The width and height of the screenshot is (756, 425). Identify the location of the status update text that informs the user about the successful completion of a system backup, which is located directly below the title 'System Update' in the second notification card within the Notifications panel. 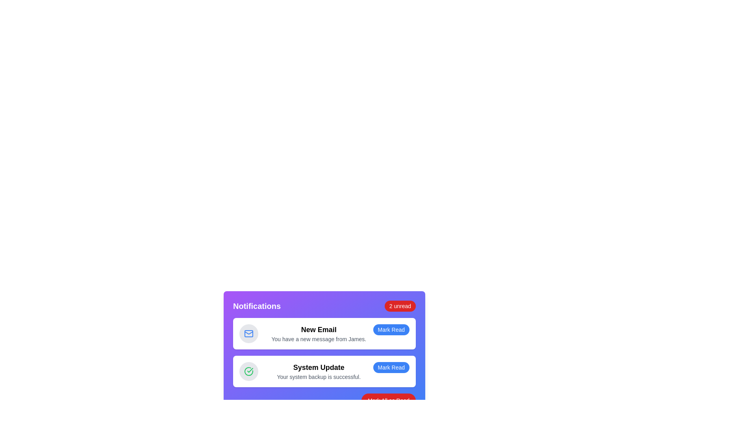
(319, 376).